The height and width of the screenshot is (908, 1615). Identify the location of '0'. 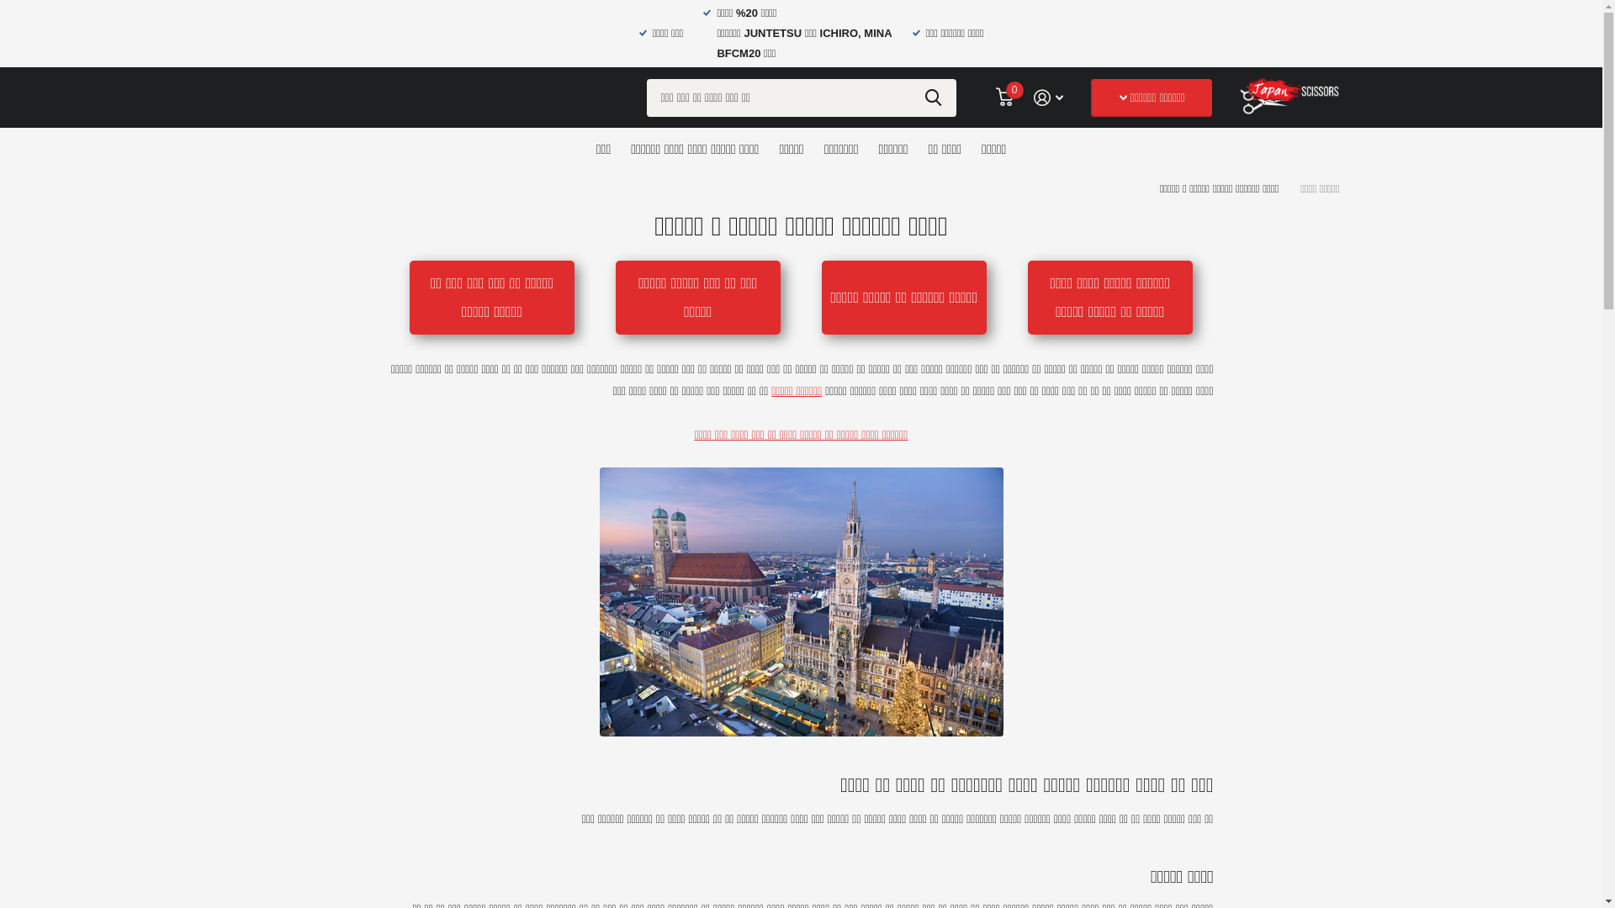
(1004, 97).